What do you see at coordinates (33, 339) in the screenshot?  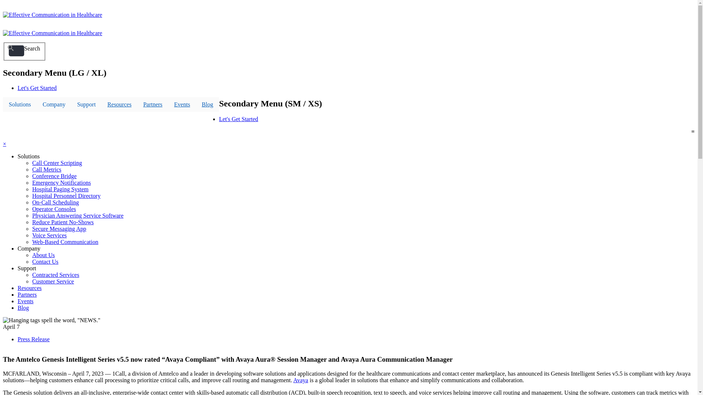 I see `'Press Release'` at bounding box center [33, 339].